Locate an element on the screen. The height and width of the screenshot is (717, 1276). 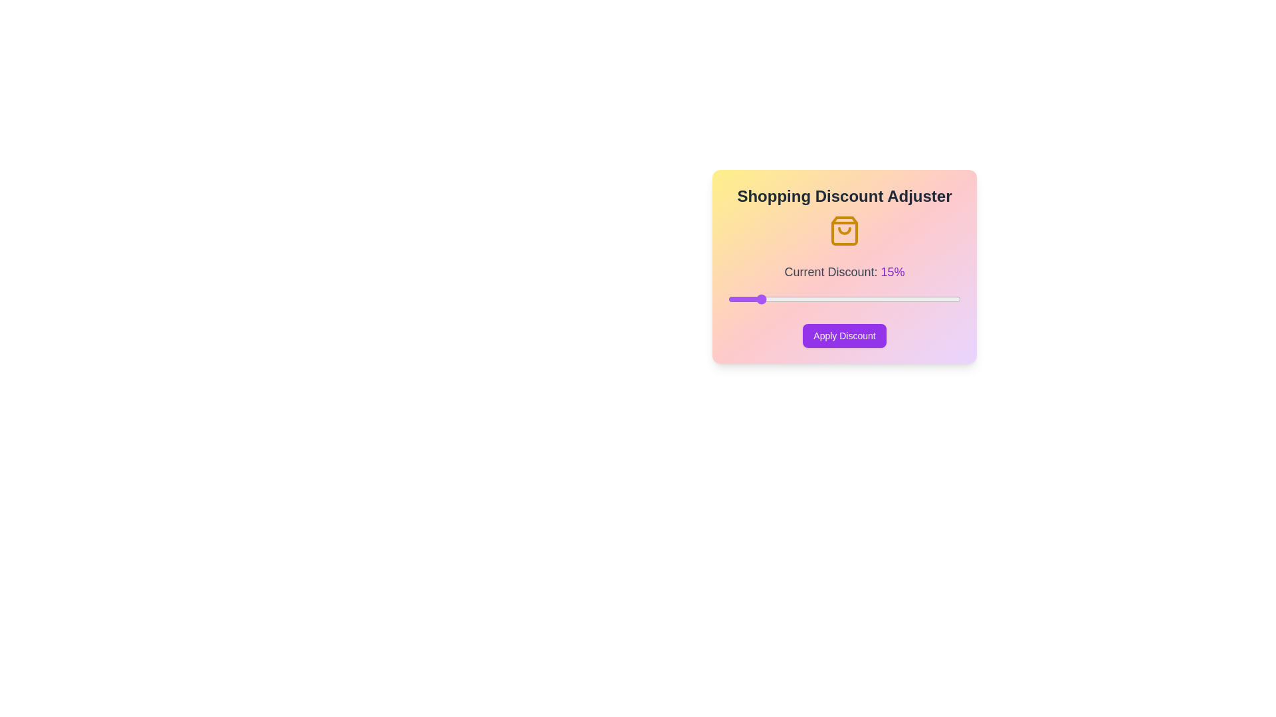
the discount slider to set the discount percentage to 48 is located at coordinates (948, 299).